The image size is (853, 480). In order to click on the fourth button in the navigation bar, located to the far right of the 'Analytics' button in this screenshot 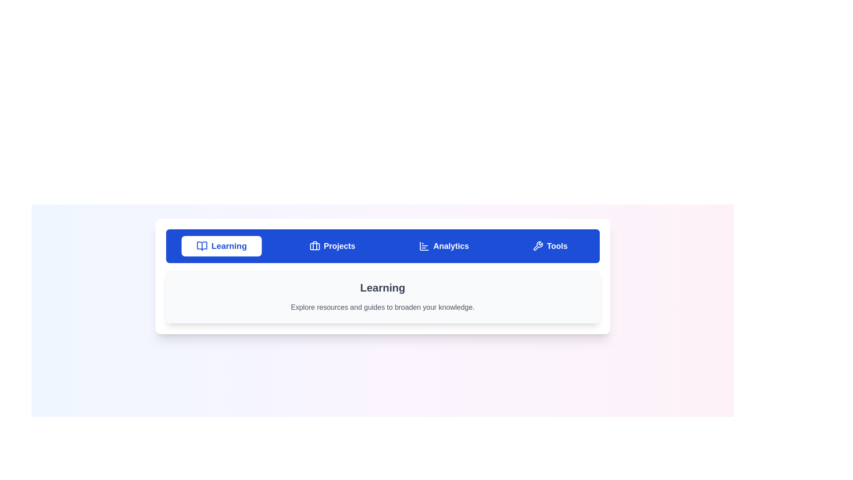, I will do `click(550, 246)`.